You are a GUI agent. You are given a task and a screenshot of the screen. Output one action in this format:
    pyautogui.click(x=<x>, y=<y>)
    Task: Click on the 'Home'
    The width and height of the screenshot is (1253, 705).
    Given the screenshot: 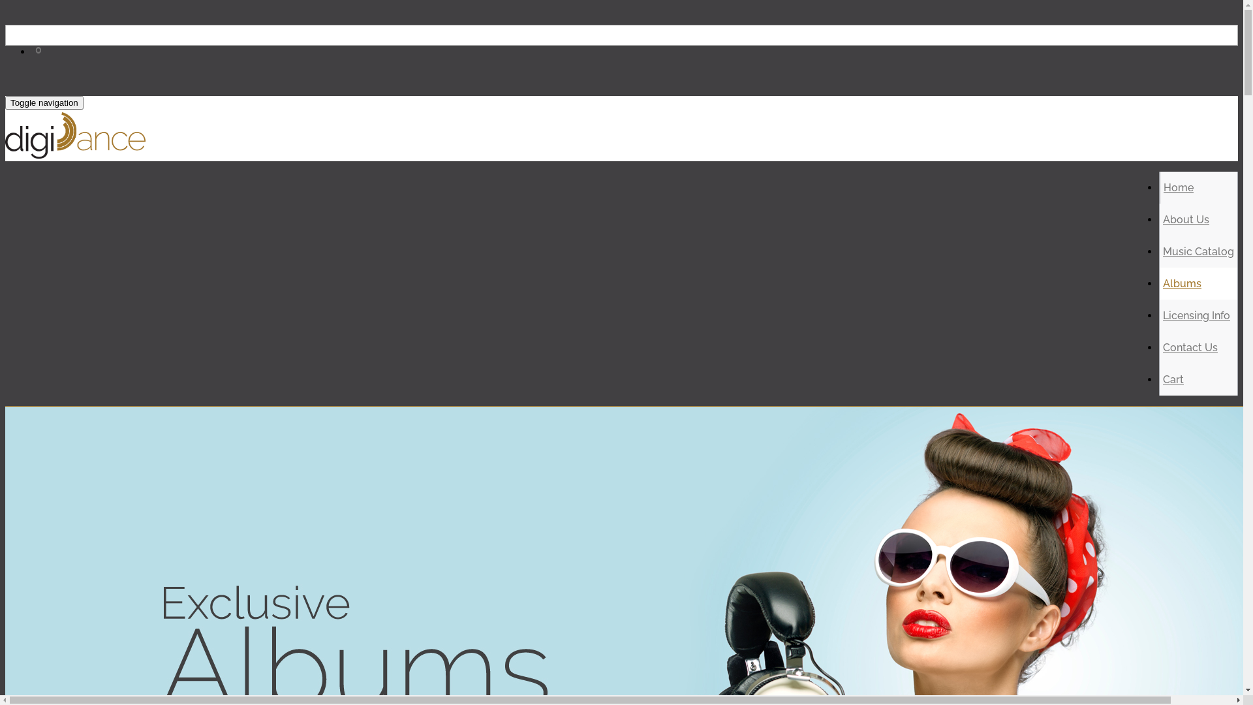 What is the action you would take?
    pyautogui.click(x=1178, y=187)
    